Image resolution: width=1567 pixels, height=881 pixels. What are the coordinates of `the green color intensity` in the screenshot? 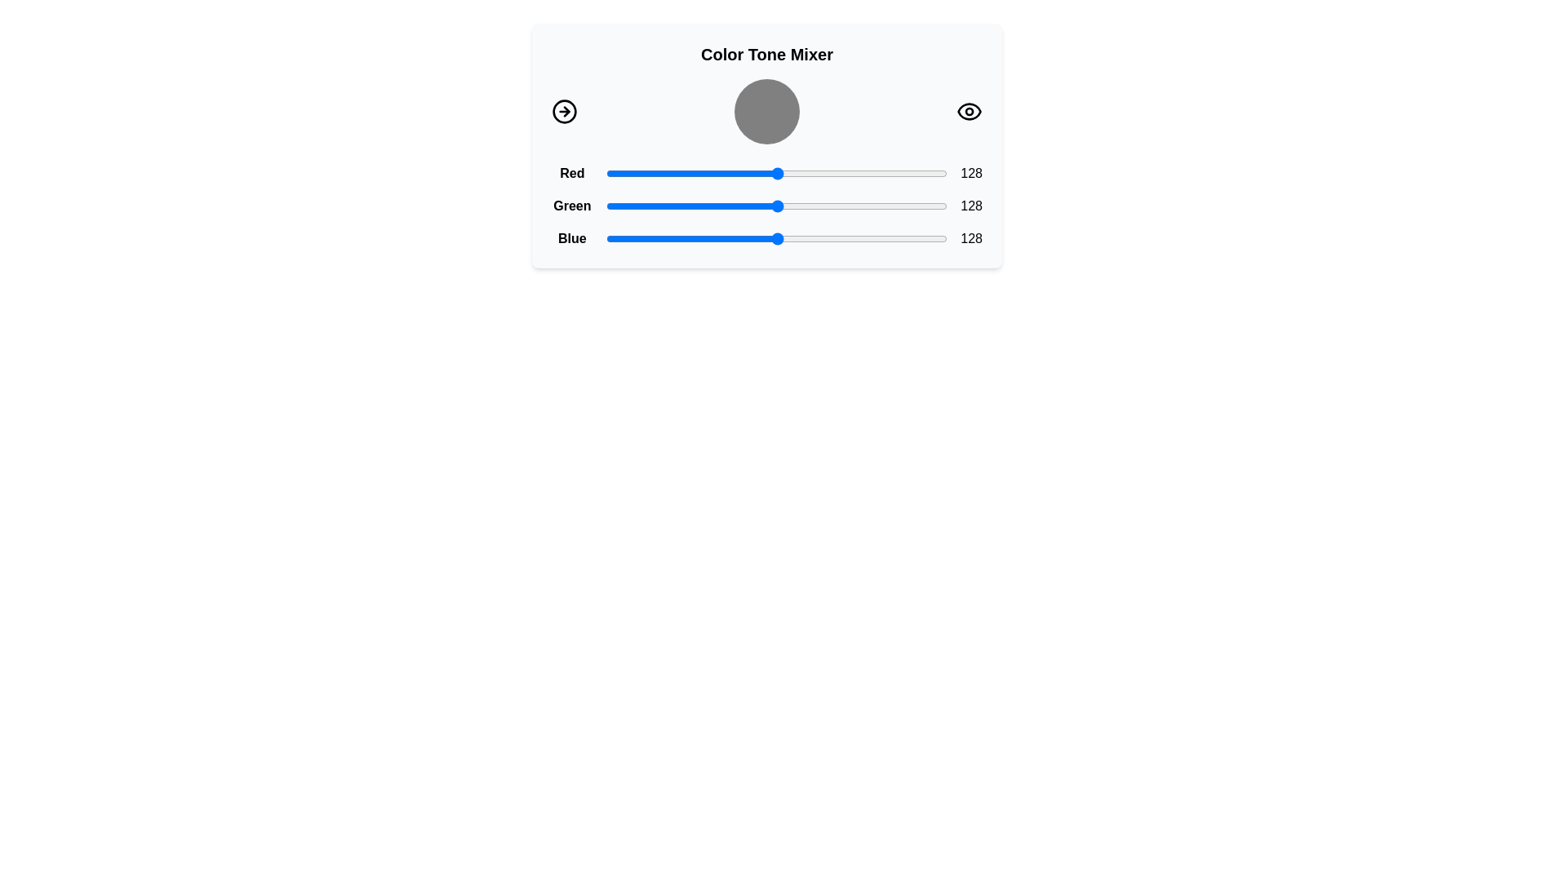 It's located at (698, 206).